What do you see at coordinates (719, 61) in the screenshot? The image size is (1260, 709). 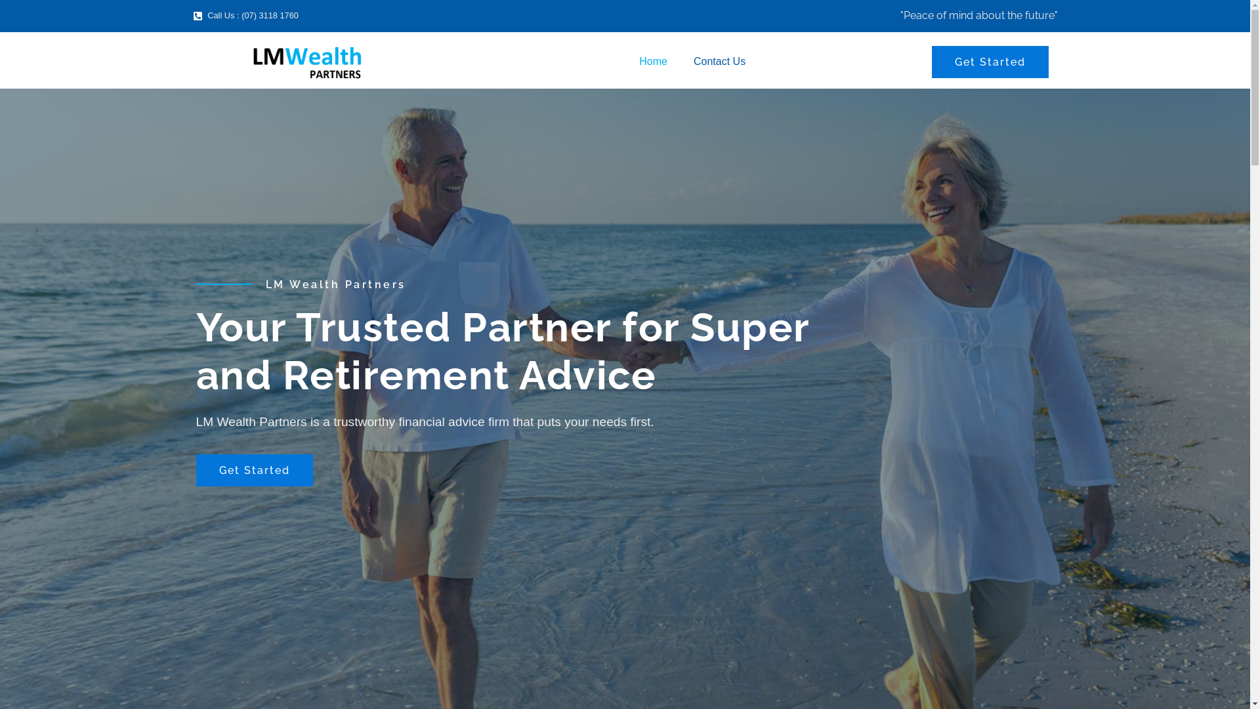 I see `'Contact Us'` at bounding box center [719, 61].